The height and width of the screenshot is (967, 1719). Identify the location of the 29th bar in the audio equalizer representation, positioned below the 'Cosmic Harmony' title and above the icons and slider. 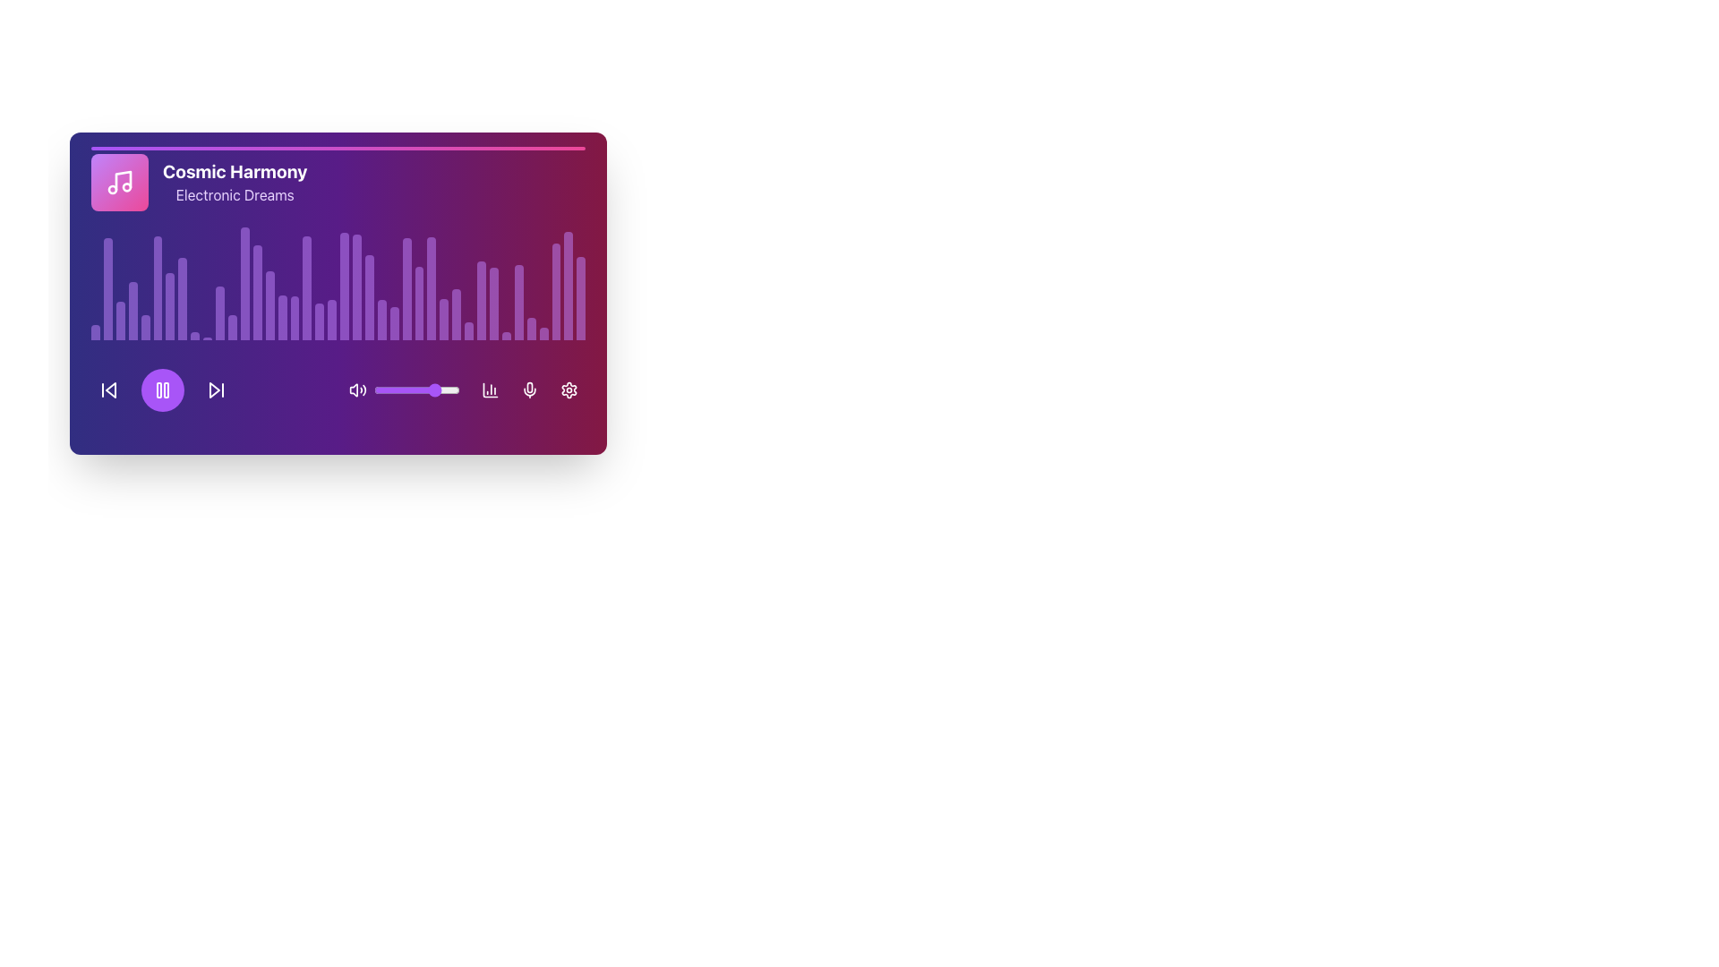
(457, 313).